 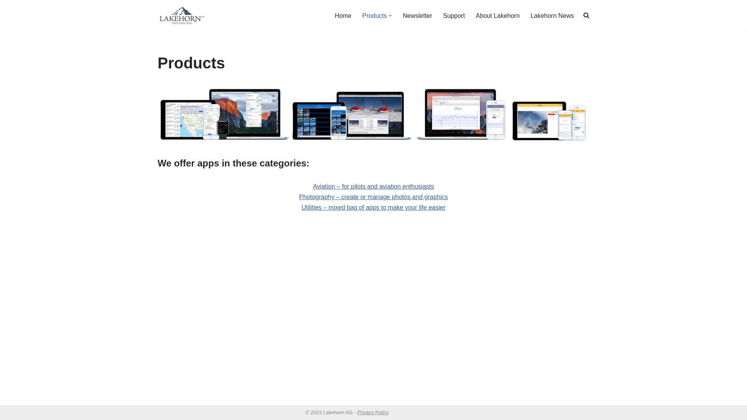 I want to click on 'About Lakehorn', so click(x=497, y=16).